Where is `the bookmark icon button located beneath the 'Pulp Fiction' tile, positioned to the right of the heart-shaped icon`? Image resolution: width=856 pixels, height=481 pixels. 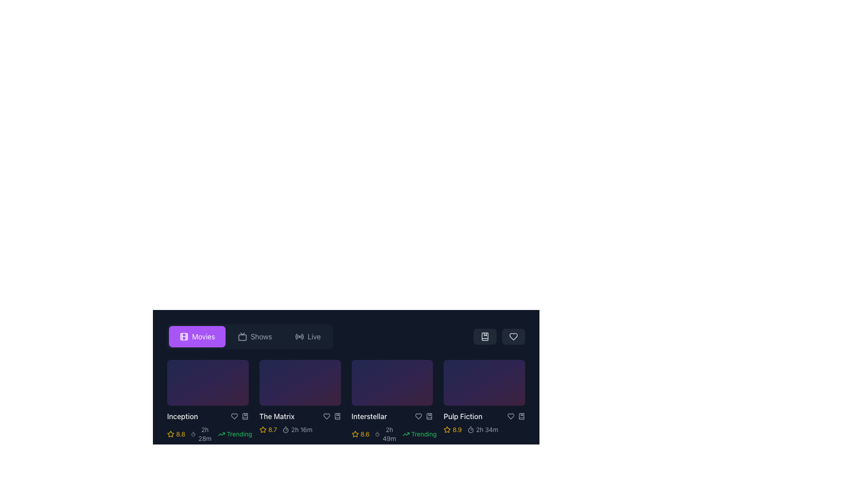
the bookmark icon button located beneath the 'Pulp Fiction' tile, positioned to the right of the heart-shaped icon is located at coordinates (429, 416).